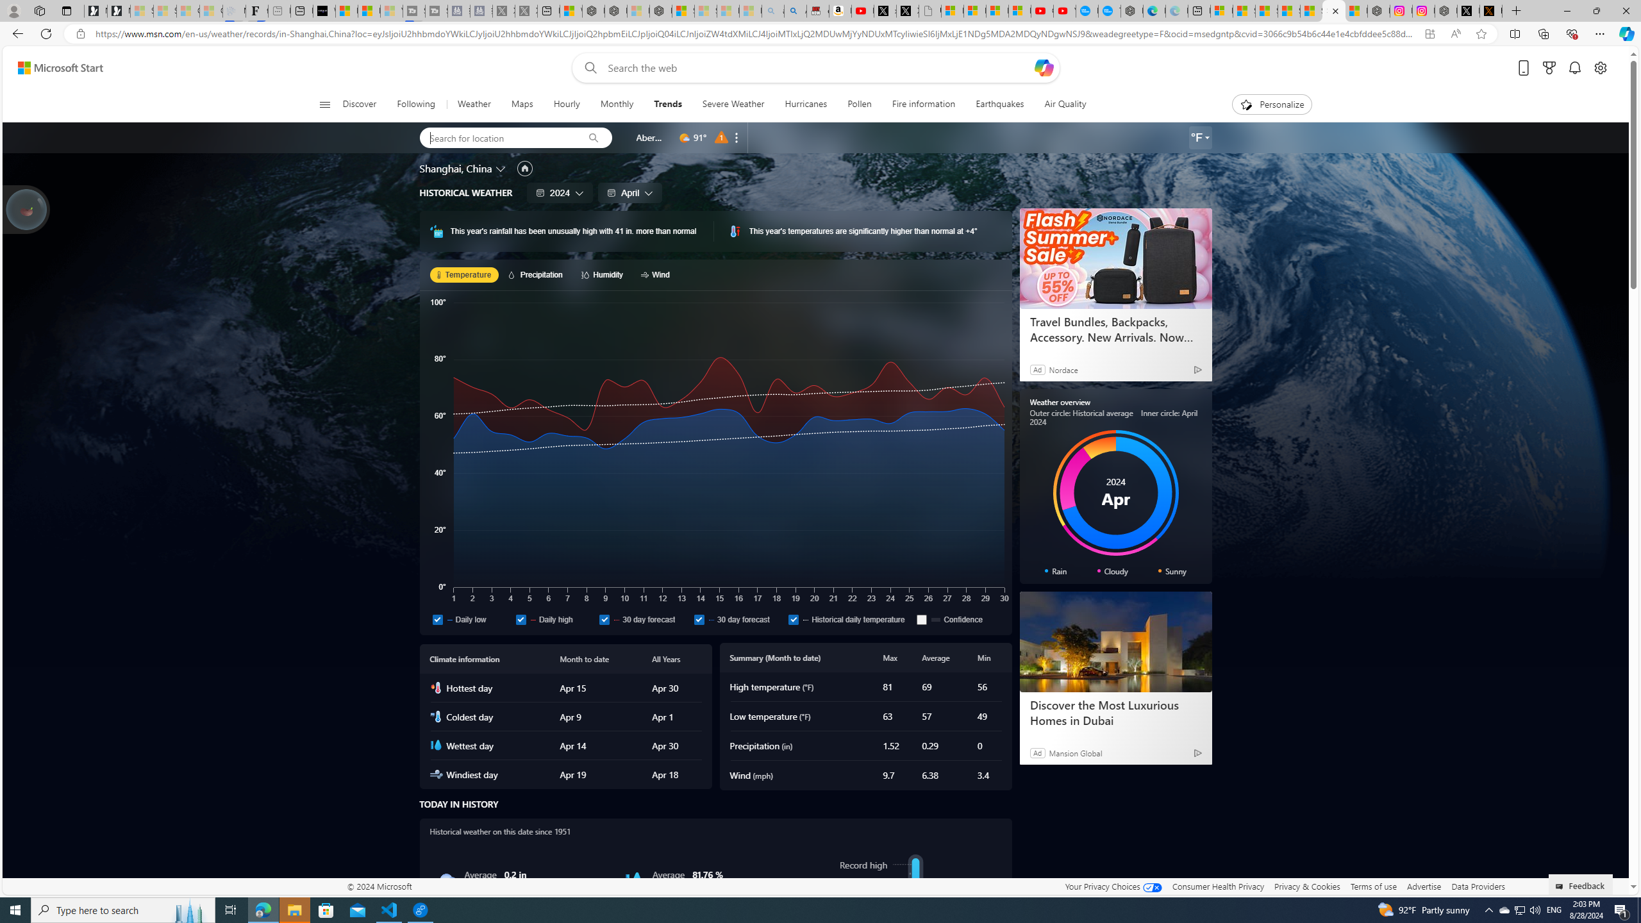  Describe the element at coordinates (496, 137) in the screenshot. I see `'Search for location'` at that location.